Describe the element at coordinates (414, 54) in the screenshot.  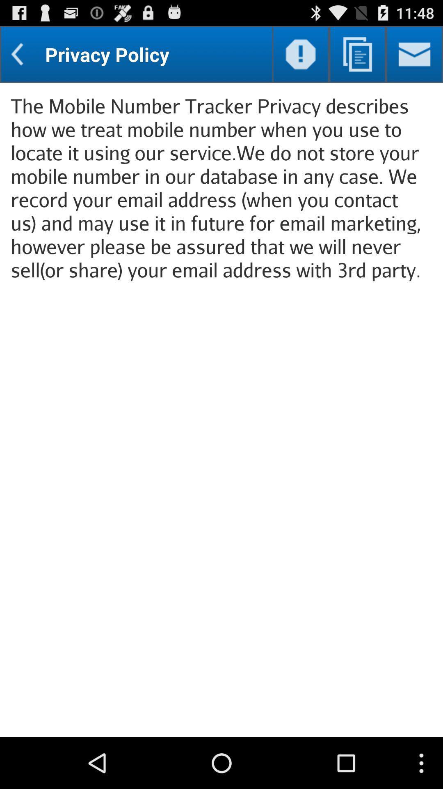
I see `send an e-mail` at that location.